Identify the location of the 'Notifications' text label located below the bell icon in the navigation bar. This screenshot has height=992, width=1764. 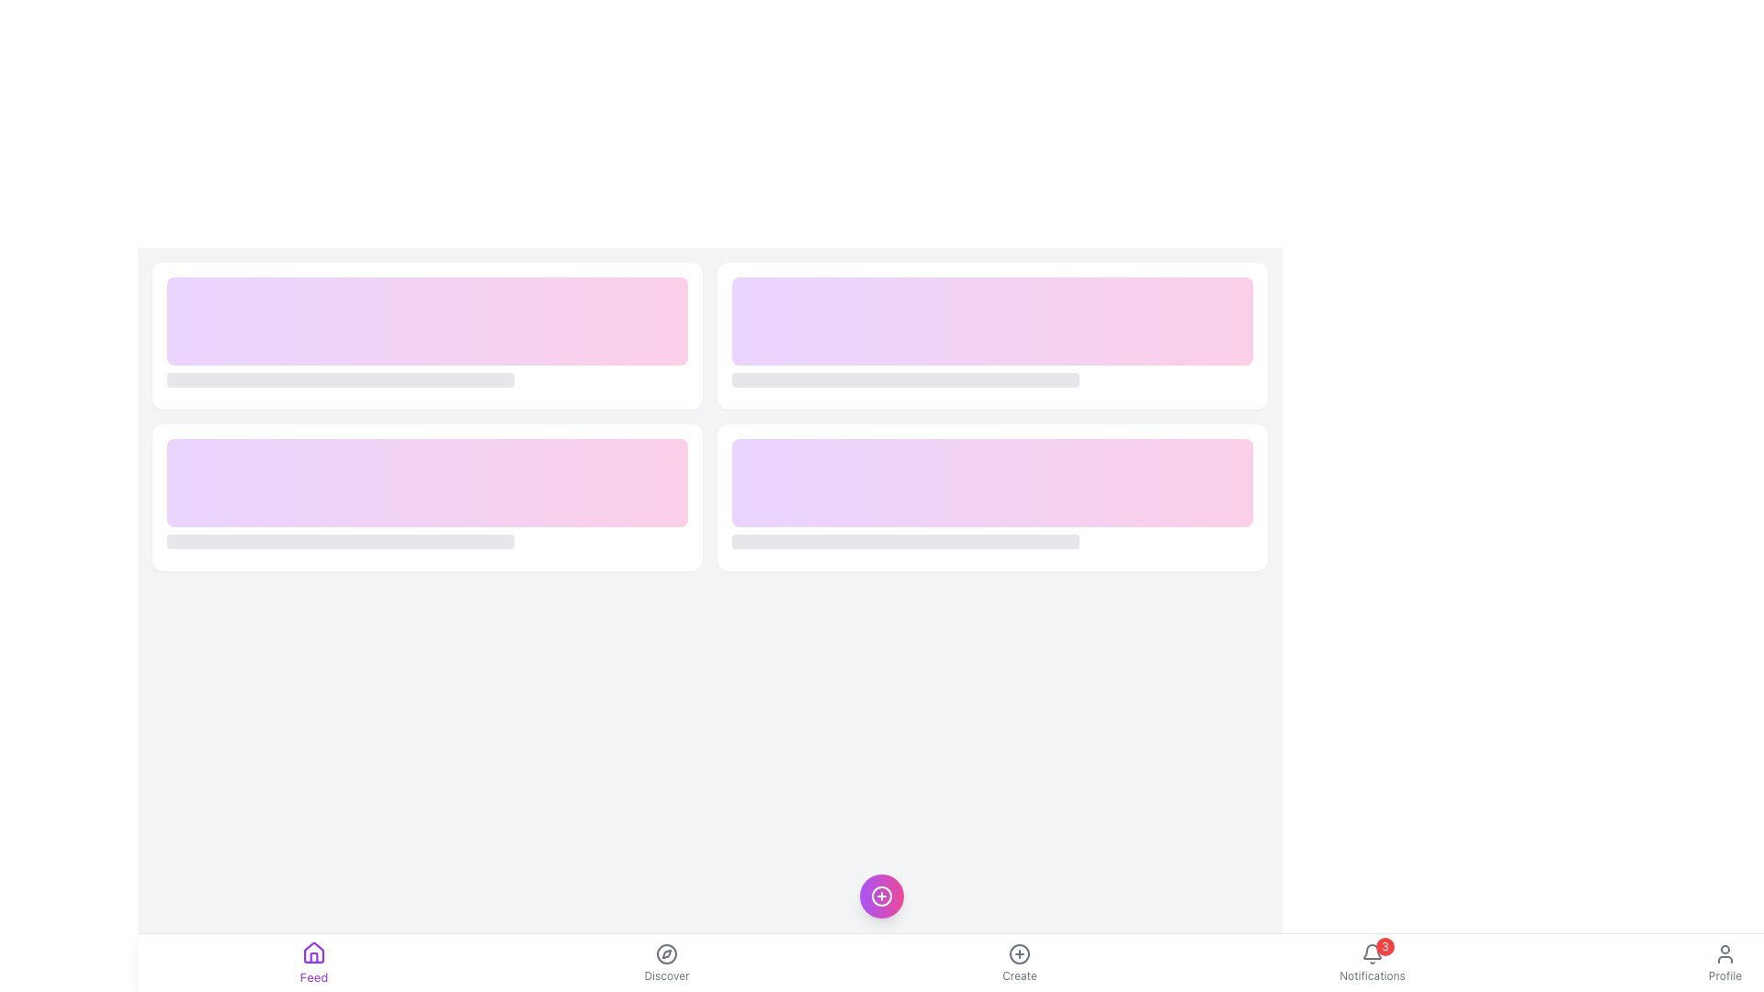
(1372, 975).